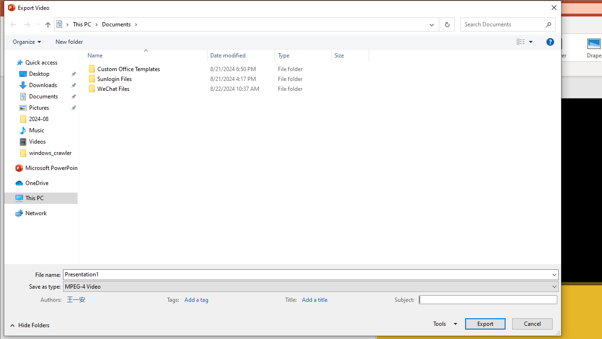  I want to click on 'Type', so click(303, 55).